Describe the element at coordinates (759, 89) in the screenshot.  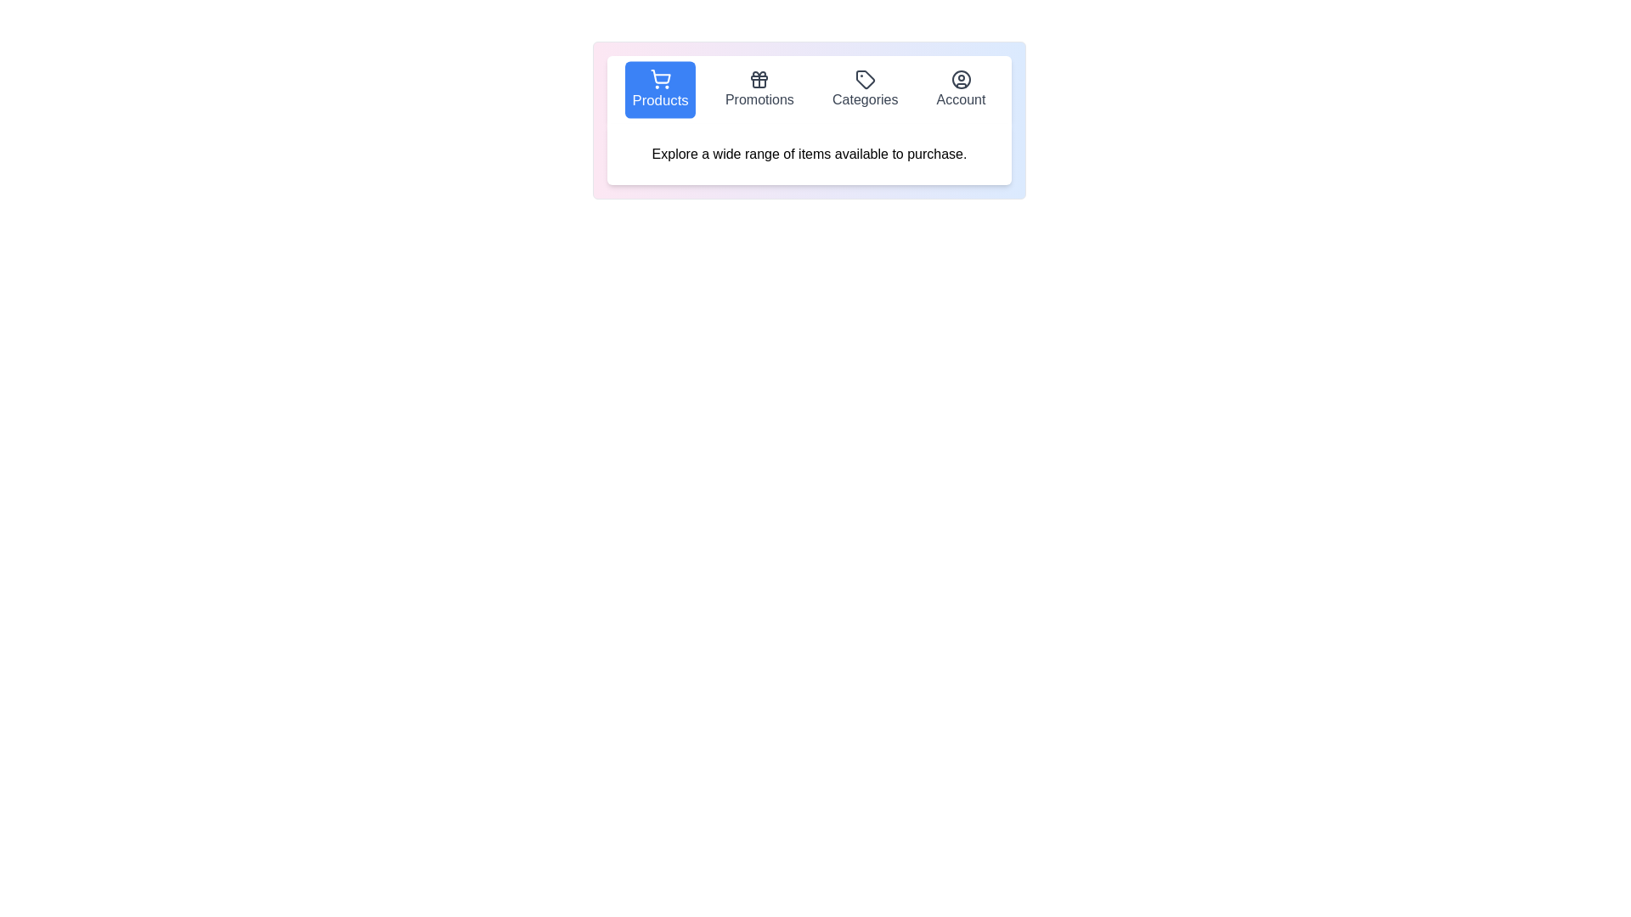
I see `the Promotions tab to observe its visual feedback` at that location.